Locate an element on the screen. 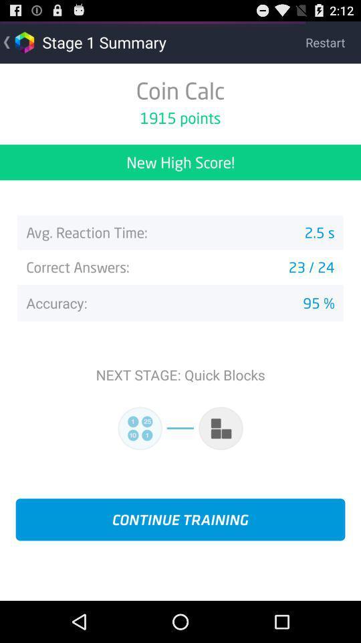 The image size is (361, 643). the button at the bottom is located at coordinates (180, 518).